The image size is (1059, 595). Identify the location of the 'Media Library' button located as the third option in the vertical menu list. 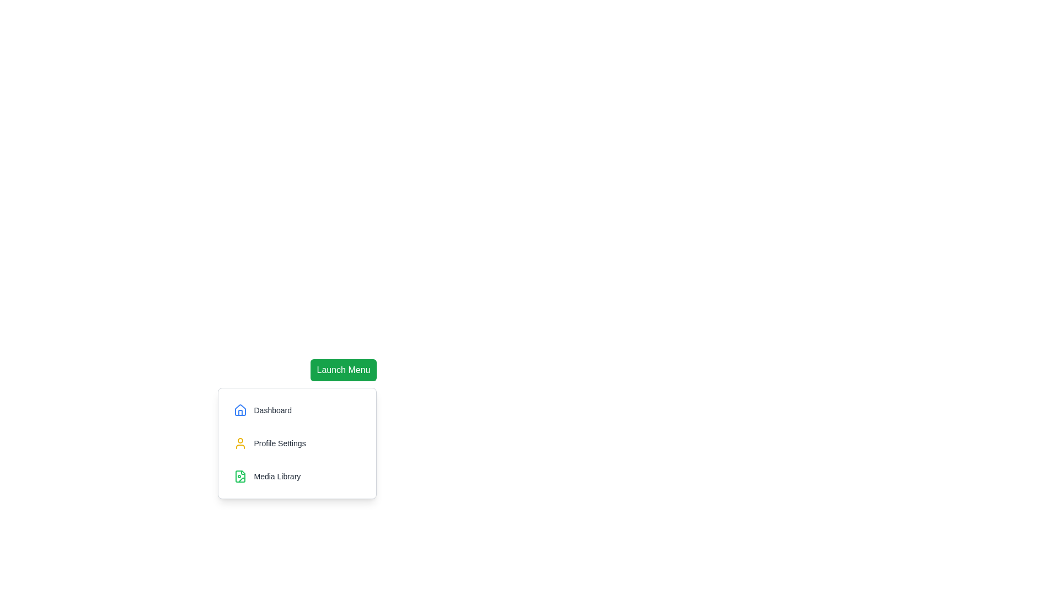
(297, 475).